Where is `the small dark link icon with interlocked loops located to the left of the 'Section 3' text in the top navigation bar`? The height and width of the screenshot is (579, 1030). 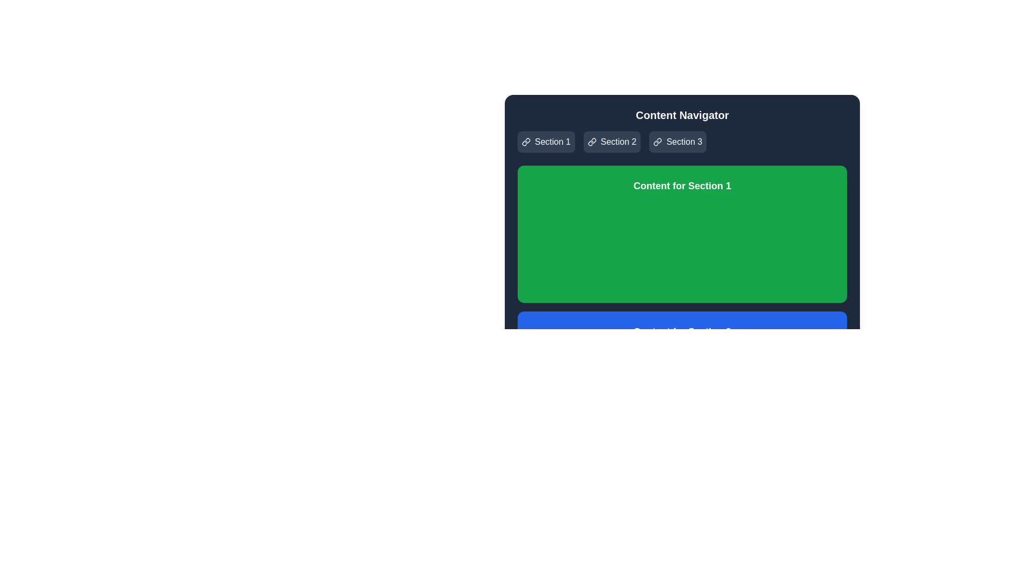 the small dark link icon with interlocked loops located to the left of the 'Section 3' text in the top navigation bar is located at coordinates (657, 142).